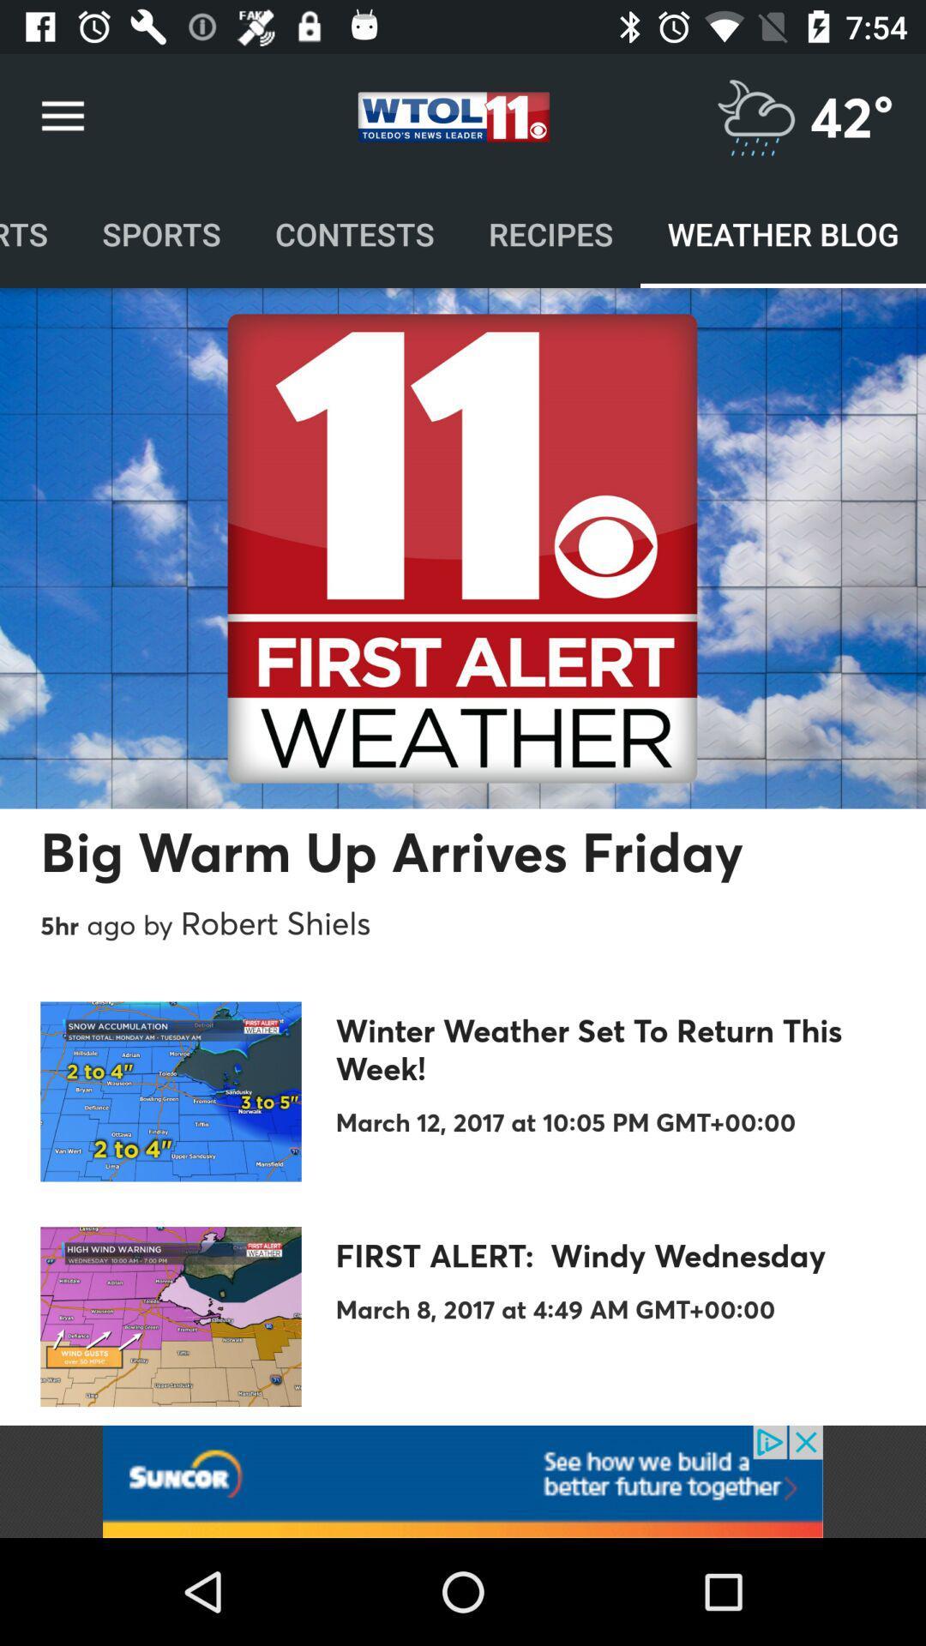 The width and height of the screenshot is (926, 1646). What do you see at coordinates (453, 117) in the screenshot?
I see `the text which is right side of the more options button` at bounding box center [453, 117].